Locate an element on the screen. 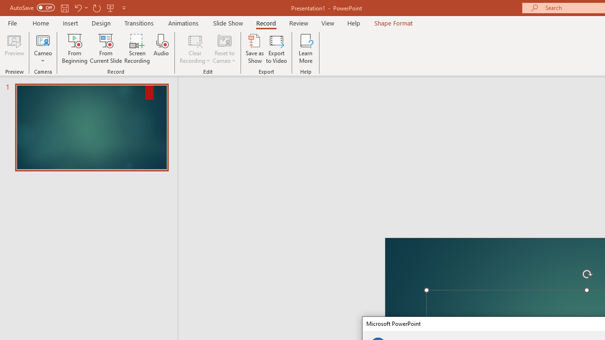 The image size is (605, 340). 'Audio' is located at coordinates (161, 49).